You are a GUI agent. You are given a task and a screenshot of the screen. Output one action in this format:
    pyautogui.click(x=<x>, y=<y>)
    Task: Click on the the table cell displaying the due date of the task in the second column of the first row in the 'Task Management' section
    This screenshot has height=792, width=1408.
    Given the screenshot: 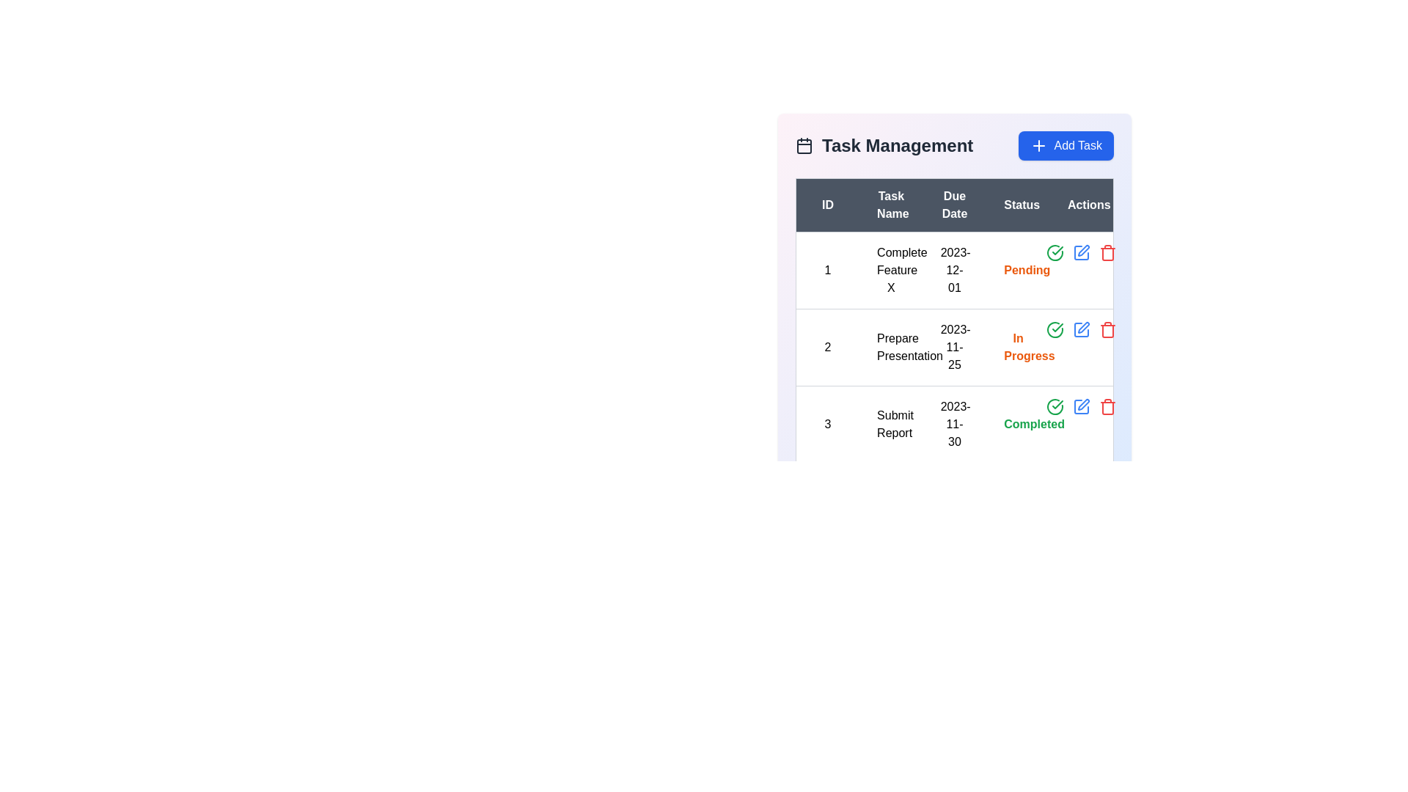 What is the action you would take?
    pyautogui.click(x=954, y=279)
    